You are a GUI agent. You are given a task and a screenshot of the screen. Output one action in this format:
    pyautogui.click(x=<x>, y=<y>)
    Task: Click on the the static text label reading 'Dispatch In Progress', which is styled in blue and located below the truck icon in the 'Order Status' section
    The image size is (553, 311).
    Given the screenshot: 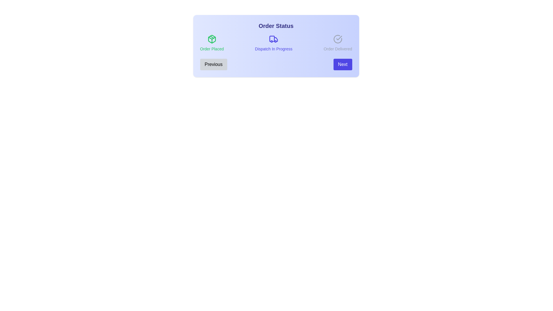 What is the action you would take?
    pyautogui.click(x=273, y=48)
    